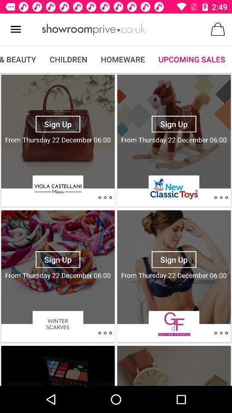  What do you see at coordinates (58, 267) in the screenshot?
I see `the second row first box` at bounding box center [58, 267].